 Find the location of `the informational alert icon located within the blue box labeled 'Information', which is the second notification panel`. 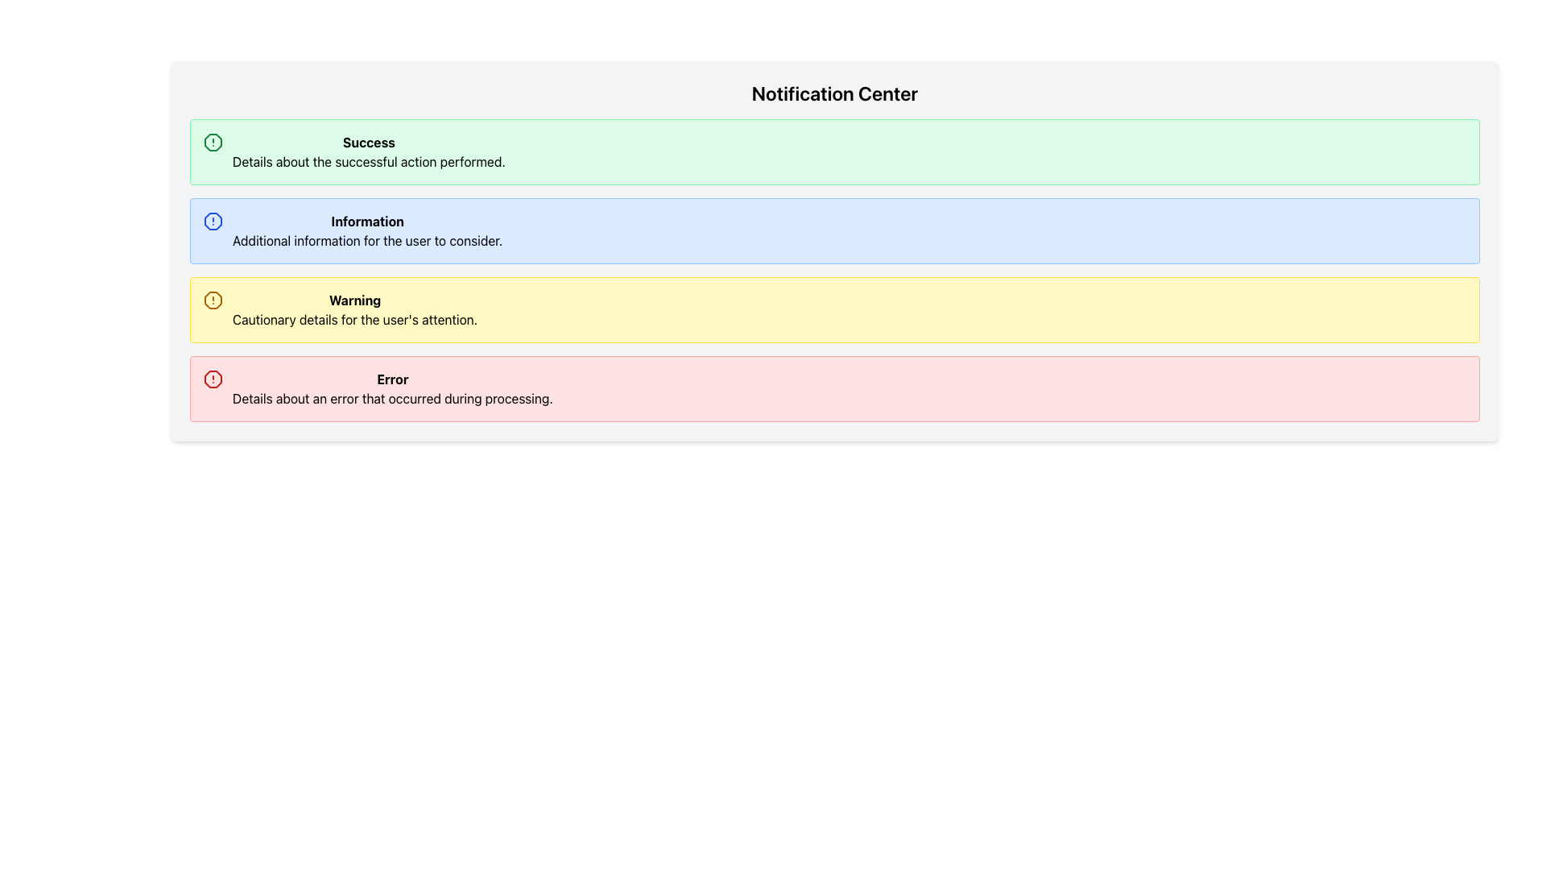

the informational alert icon located within the blue box labeled 'Information', which is the second notification panel is located at coordinates (212, 221).